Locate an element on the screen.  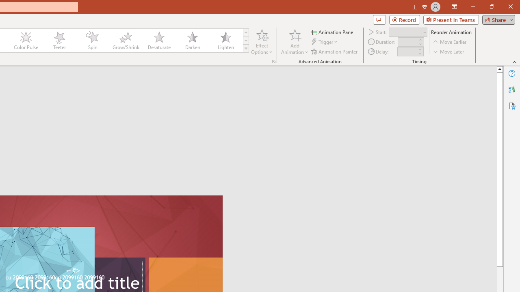
'Effect Options' is located at coordinates (262, 42).